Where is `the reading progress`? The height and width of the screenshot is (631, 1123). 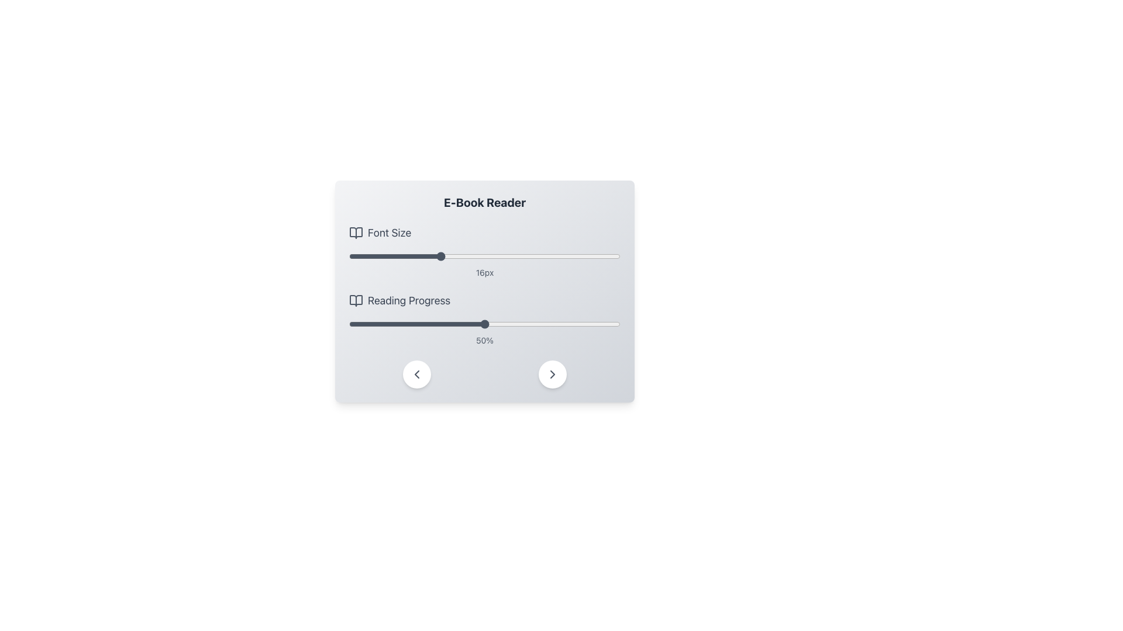
the reading progress is located at coordinates (507, 324).